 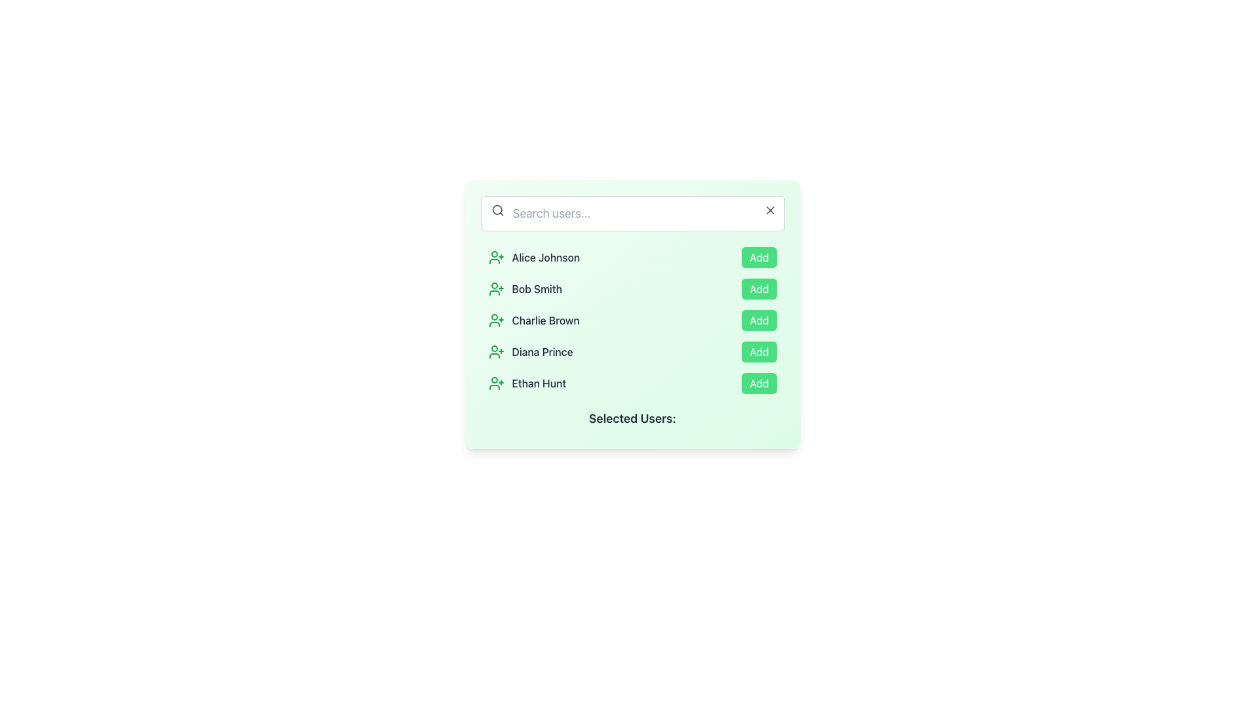 What do you see at coordinates (537, 288) in the screenshot?
I see `the text label displaying 'Bob Smith', which is in dark gray font on a light green background, located in the second row of user entries` at bounding box center [537, 288].